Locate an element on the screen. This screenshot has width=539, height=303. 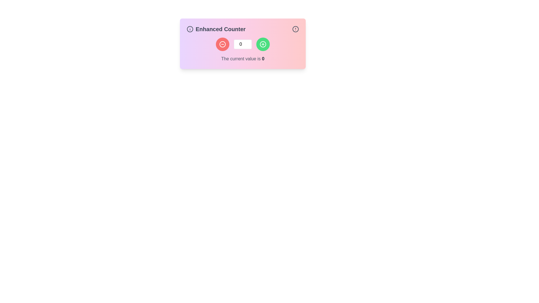
the circular red button with a white minus icon to decrease the value is located at coordinates (222, 44).